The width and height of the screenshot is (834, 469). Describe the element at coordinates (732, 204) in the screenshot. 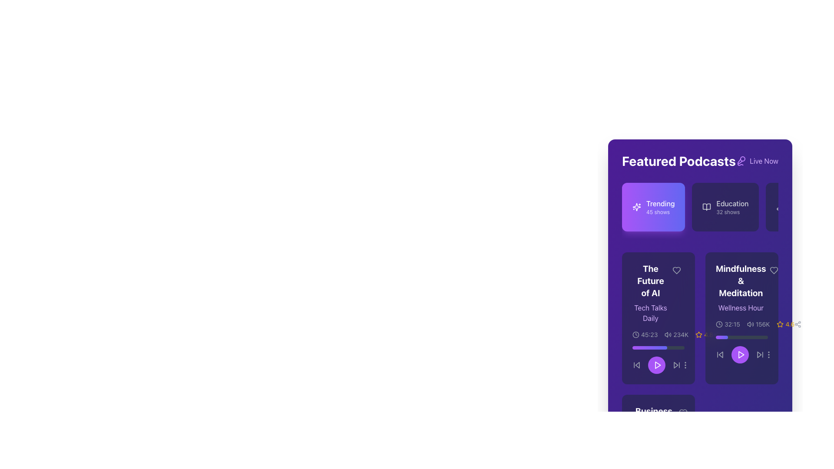

I see `category title 'Education' from the Label styled in a medium-weight font, with white text on a dark background, located in the top row, second column of the 'Featured Podcasts' section` at that location.